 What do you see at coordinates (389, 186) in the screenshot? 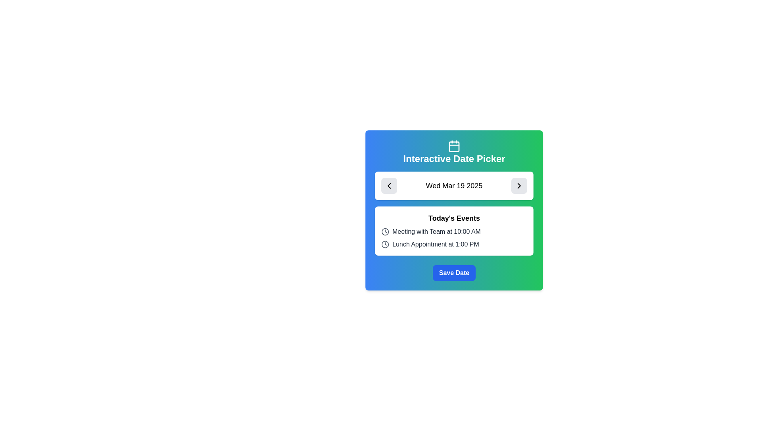
I see `the left-chevron navigation button in the Interactive Date Picker UI` at bounding box center [389, 186].